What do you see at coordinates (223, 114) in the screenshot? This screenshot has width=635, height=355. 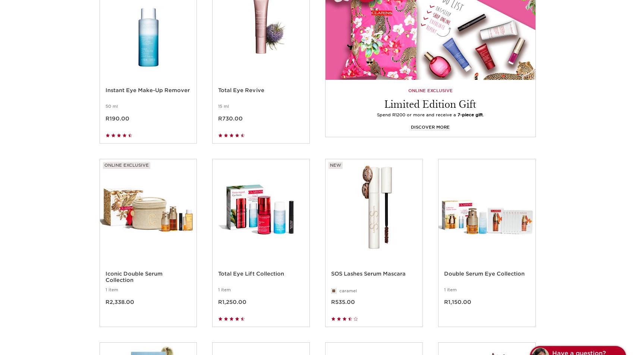 I see `'15 ml'` at bounding box center [223, 114].